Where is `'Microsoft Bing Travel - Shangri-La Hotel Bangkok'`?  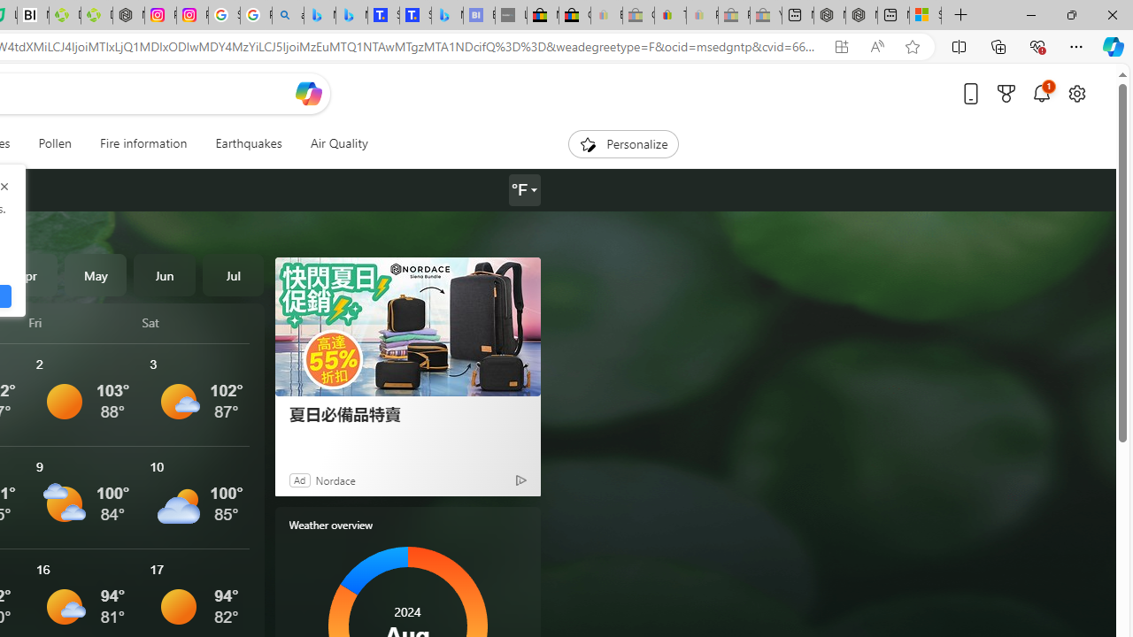
'Microsoft Bing Travel - Shangri-La Hotel Bangkok' is located at coordinates (447, 15).